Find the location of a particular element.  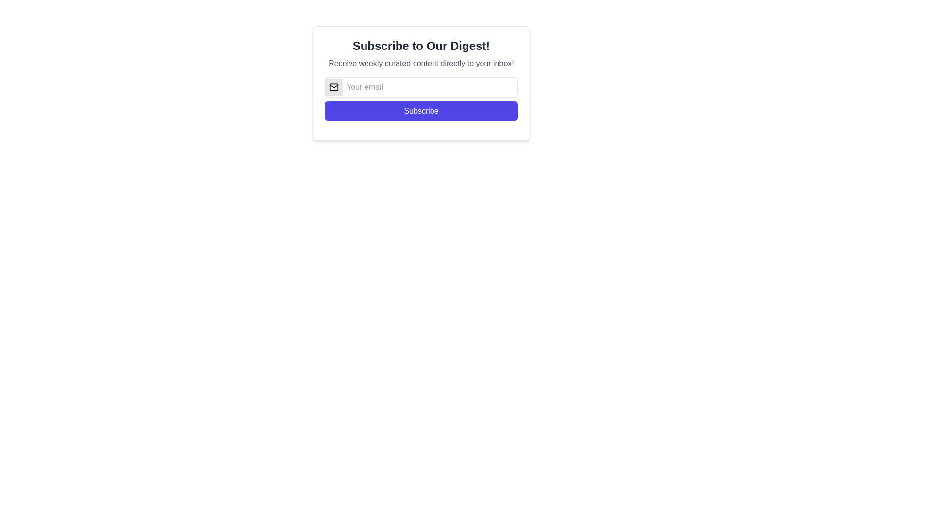

heading text 'Subscribe to Our Digest!' which is prominently displayed in bold and large font at the top of the content area is located at coordinates (421, 46).